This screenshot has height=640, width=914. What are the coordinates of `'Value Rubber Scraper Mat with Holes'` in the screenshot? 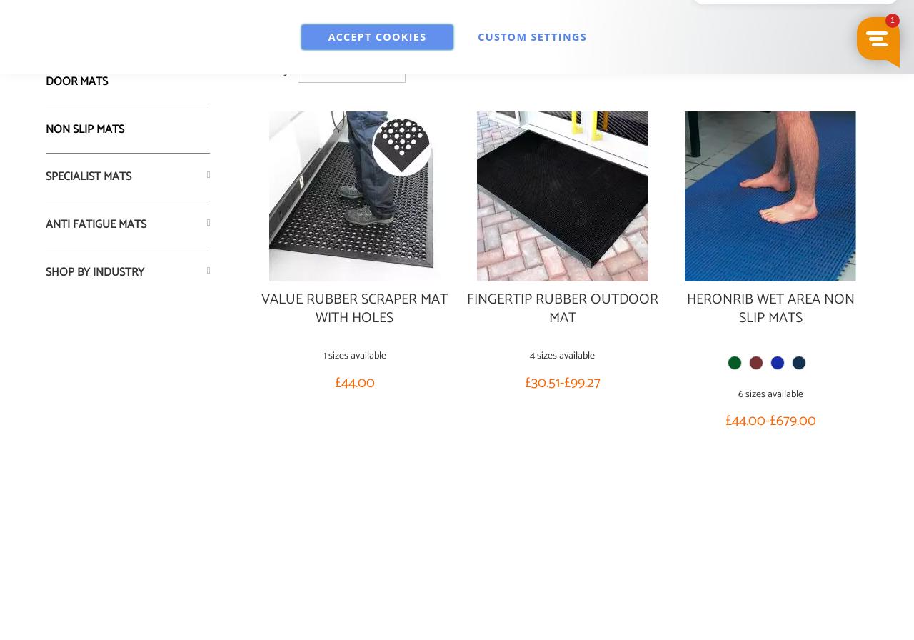 It's located at (261, 309).